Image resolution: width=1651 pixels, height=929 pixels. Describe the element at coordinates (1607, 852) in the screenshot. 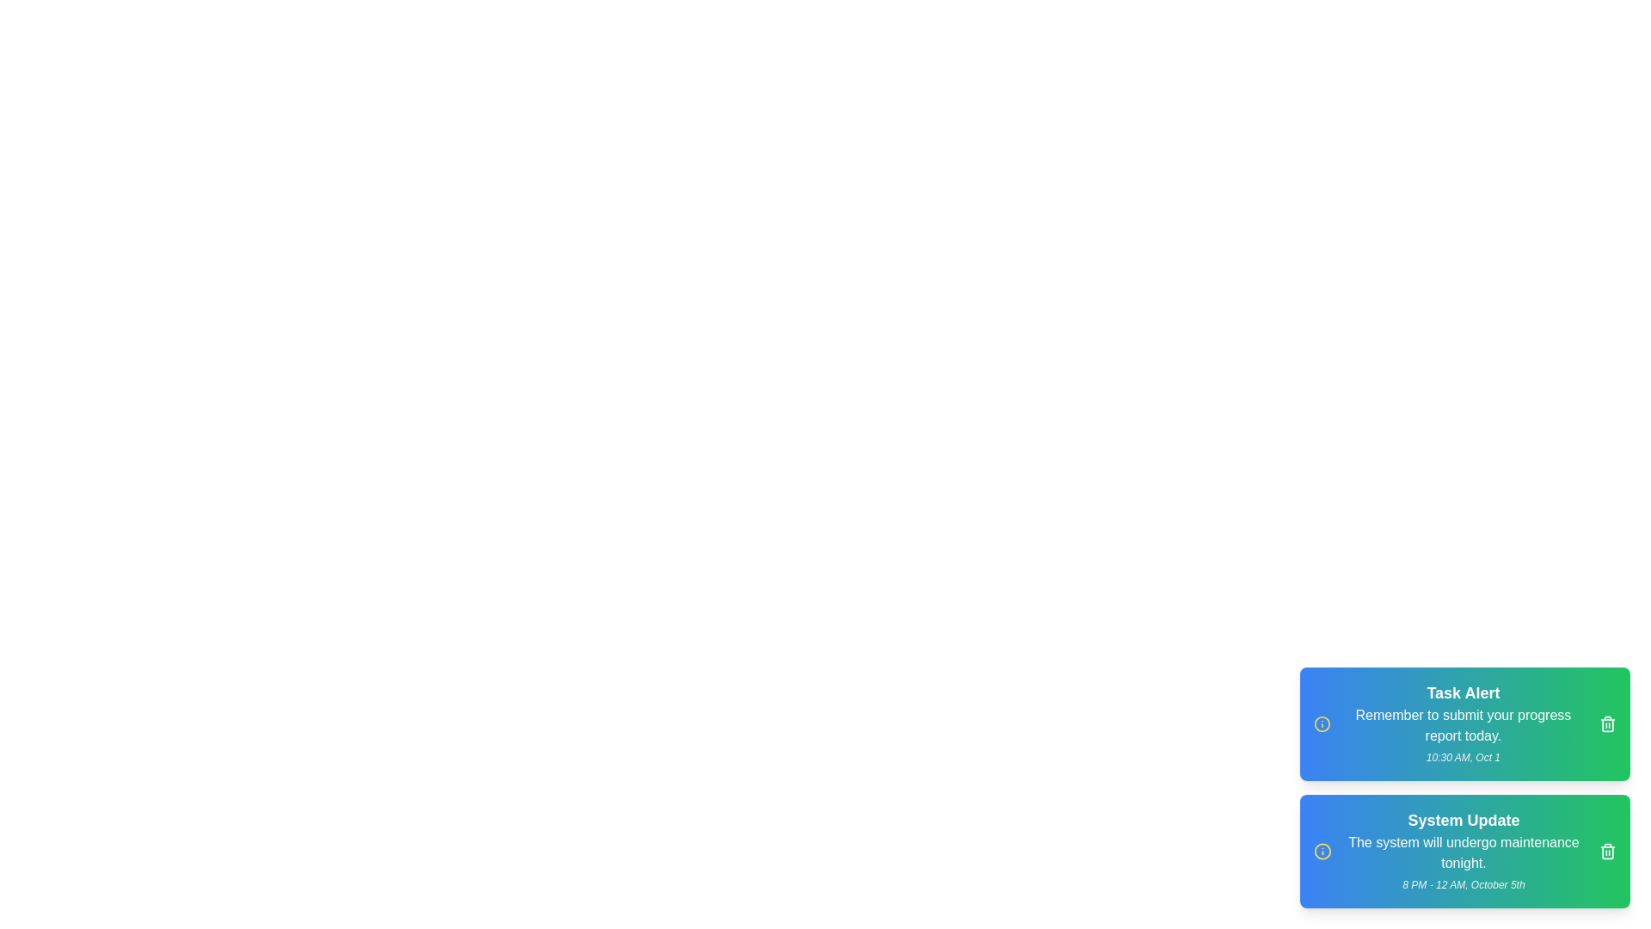

I see `the notification with title System Update` at that location.